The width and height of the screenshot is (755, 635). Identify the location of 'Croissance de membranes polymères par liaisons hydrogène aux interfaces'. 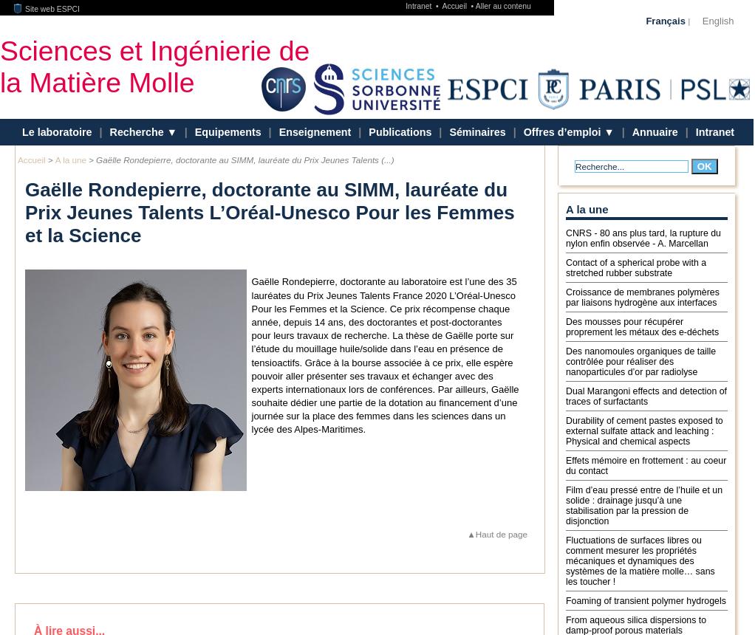
(642, 295).